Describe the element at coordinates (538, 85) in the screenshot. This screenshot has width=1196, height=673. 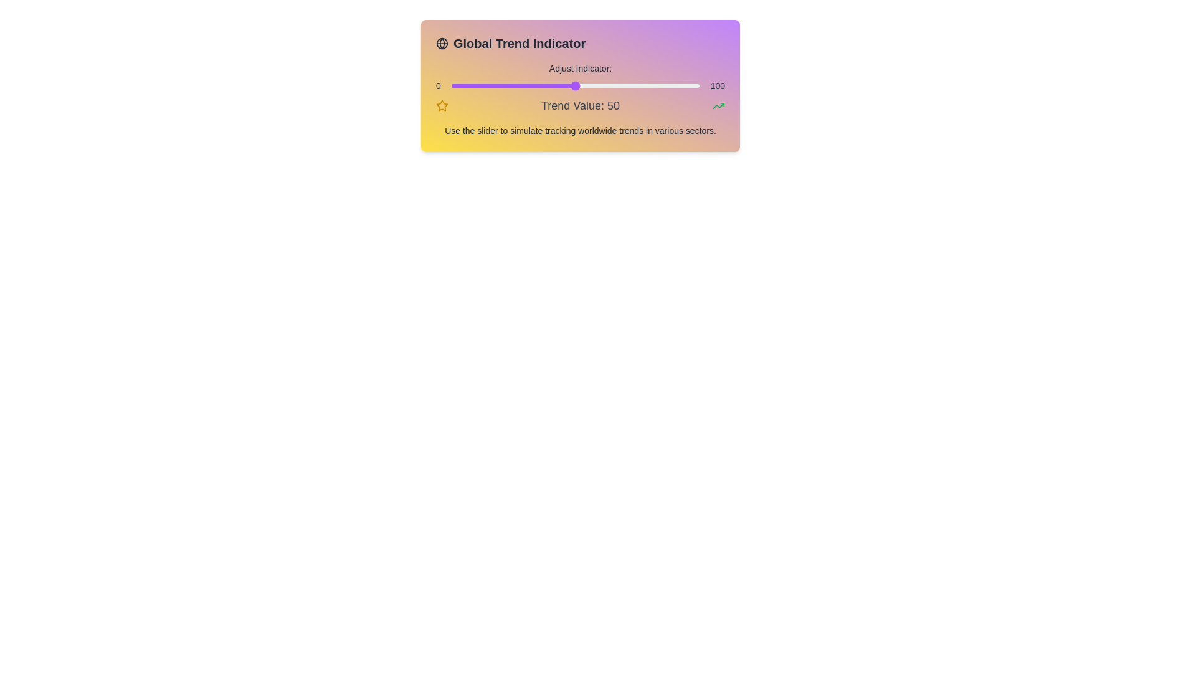
I see `the slider to set the value to 35` at that location.